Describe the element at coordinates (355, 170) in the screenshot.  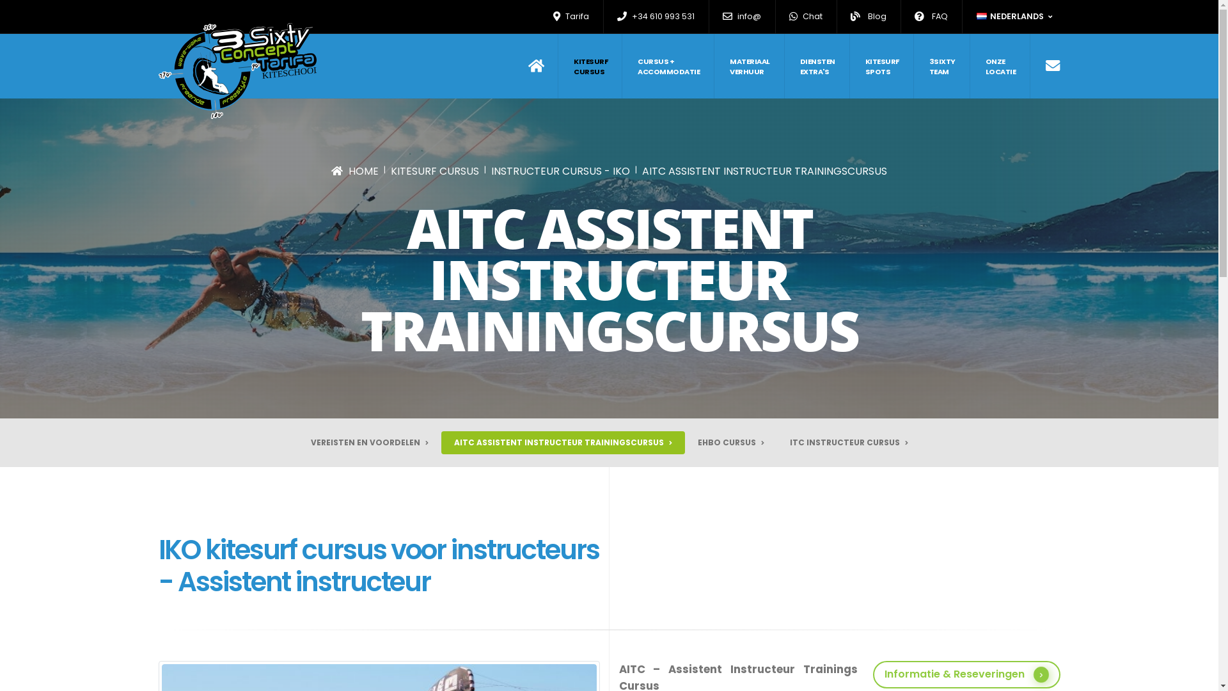
I see `'HOME'` at that location.